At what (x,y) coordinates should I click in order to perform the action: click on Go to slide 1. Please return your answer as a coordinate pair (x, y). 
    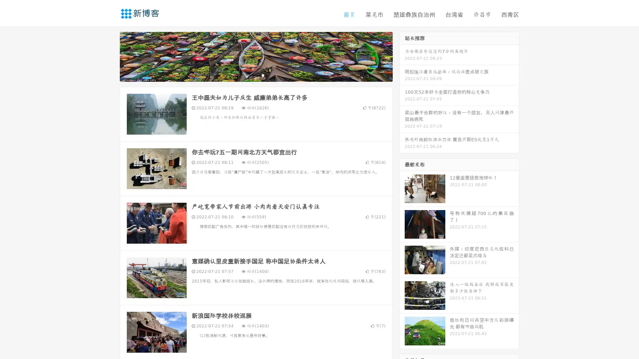
    Looking at the image, I should click on (249, 75).